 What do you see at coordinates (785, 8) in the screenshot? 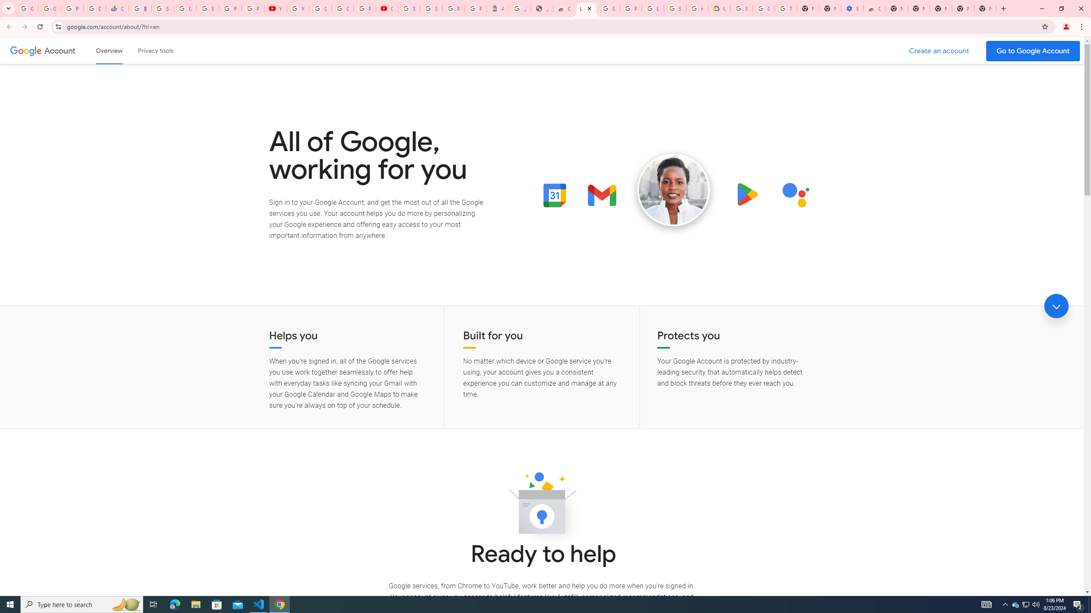
I see `'Turn cookies on or off - Computer - Google Account Help'` at bounding box center [785, 8].